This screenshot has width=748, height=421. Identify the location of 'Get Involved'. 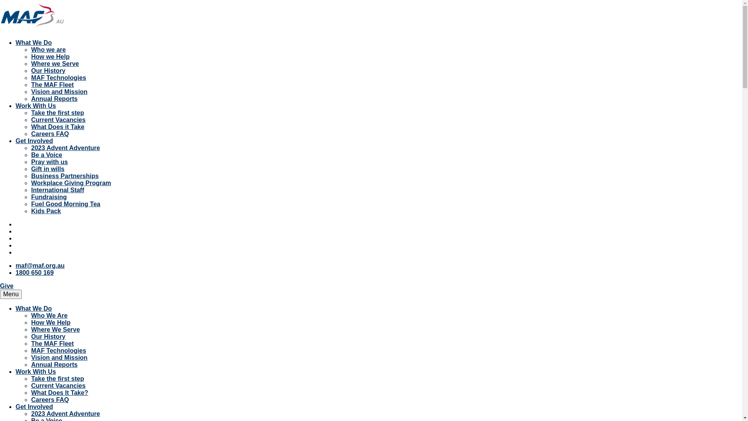
(34, 406).